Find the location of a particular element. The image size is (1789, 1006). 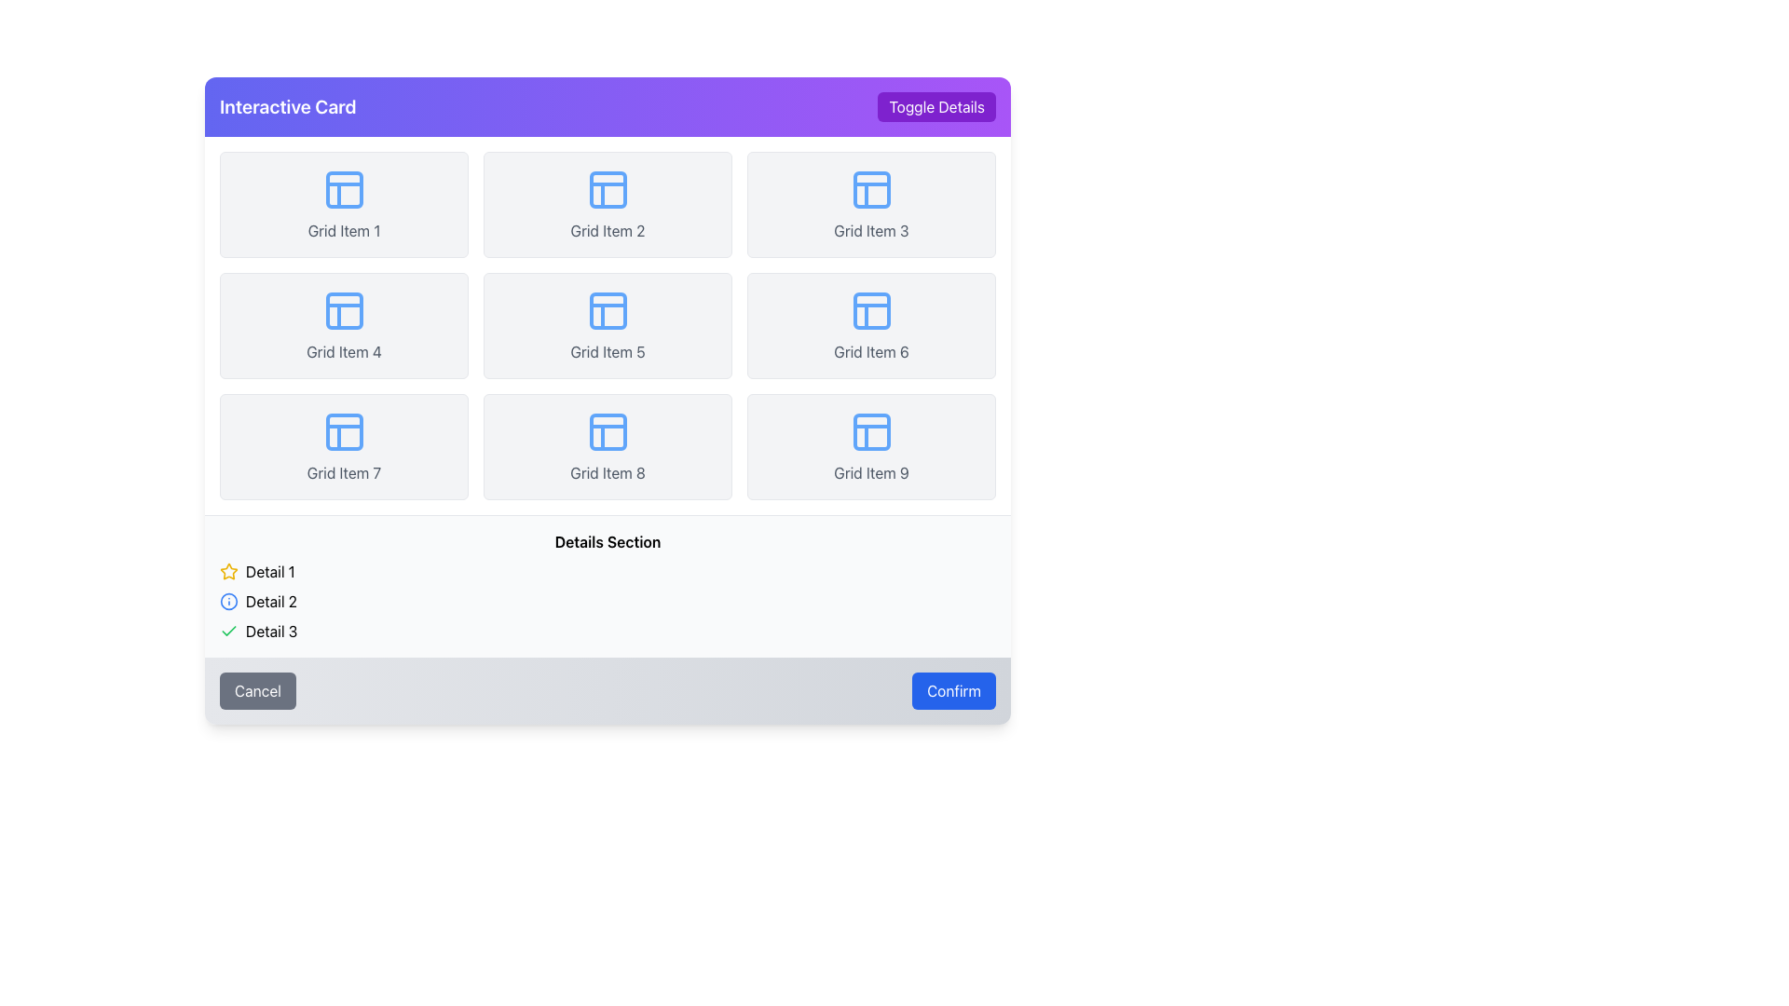

the label text inside the card labeled 'Grid Item 9' located in the bottom-right corner of the grid layout is located at coordinates (870, 472).